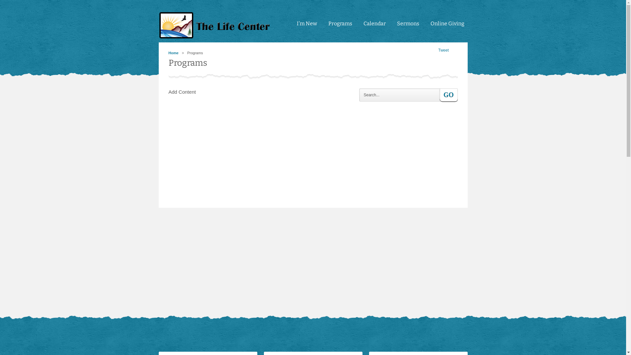 Image resolution: width=631 pixels, height=355 pixels. What do you see at coordinates (173, 53) in the screenshot?
I see `'Home'` at bounding box center [173, 53].